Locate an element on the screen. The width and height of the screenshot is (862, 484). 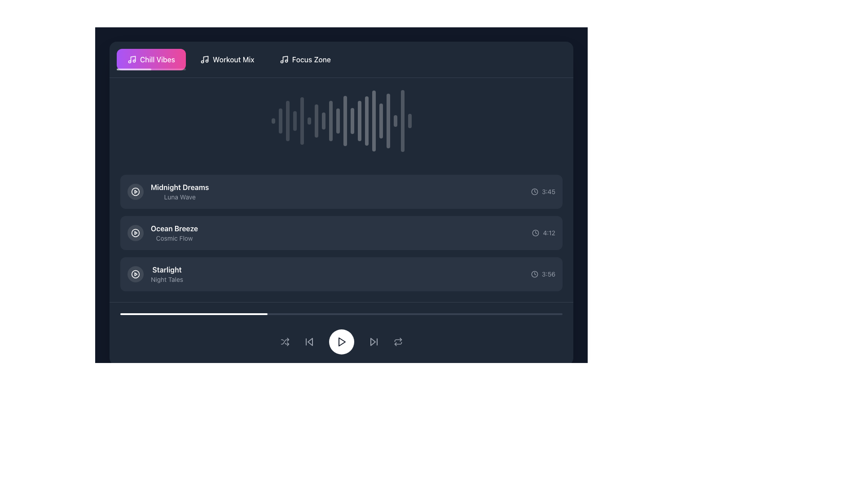
the music note icon located in the navigation section next to the 'Focus Zone' text is located at coordinates (283, 59).